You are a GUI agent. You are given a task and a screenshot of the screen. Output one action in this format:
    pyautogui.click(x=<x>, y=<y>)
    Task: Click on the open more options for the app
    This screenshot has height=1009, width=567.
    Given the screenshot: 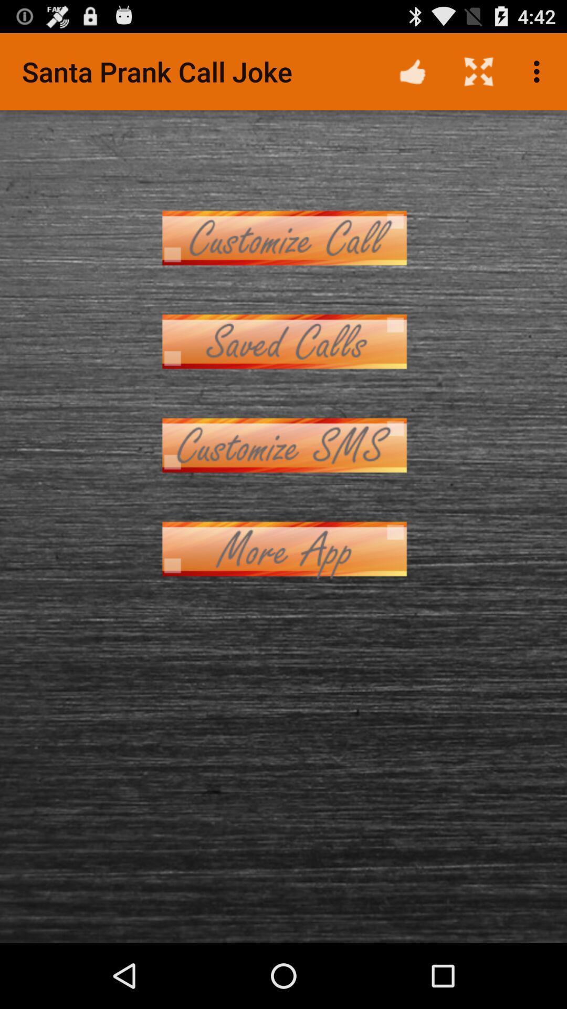 What is the action you would take?
    pyautogui.click(x=283, y=548)
    